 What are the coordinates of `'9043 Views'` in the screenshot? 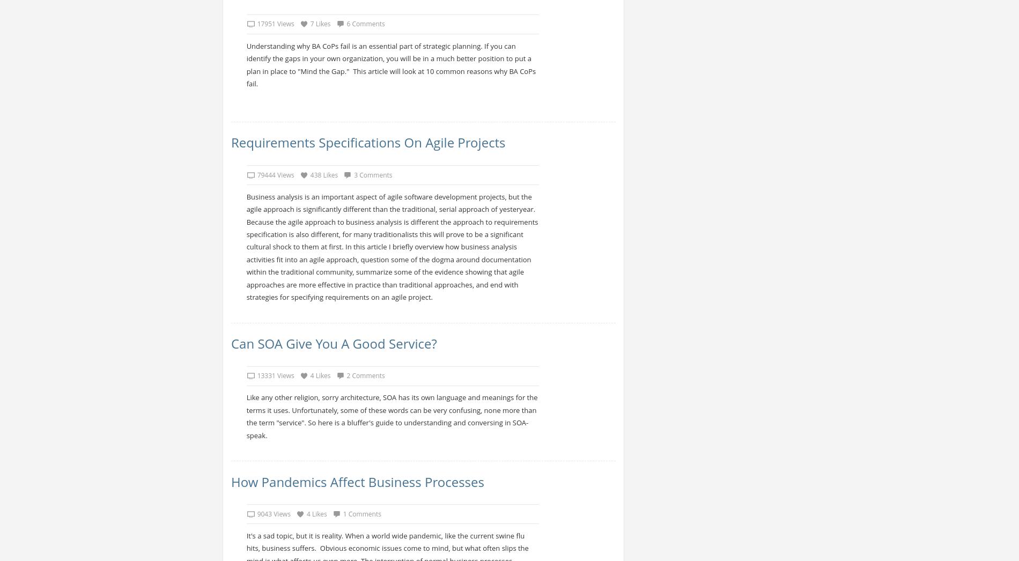 It's located at (273, 513).